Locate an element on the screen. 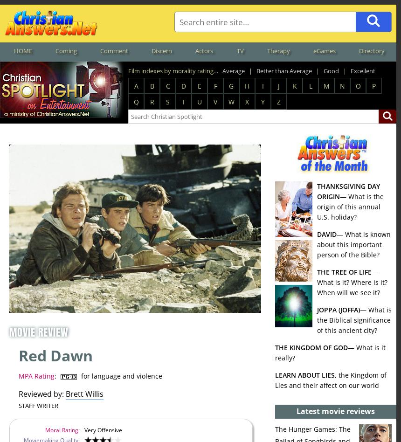  '— What is known about this important person of the Bible?' is located at coordinates (354, 244).